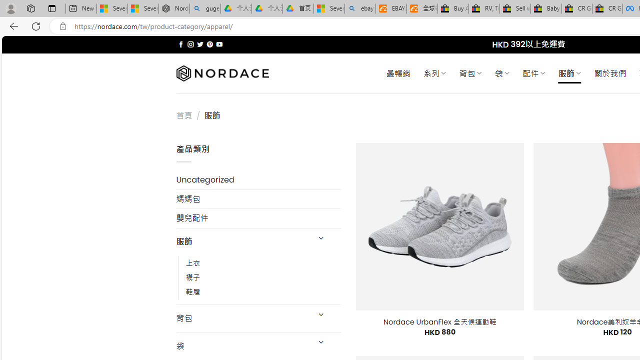 The image size is (640, 360). What do you see at coordinates (190, 44) in the screenshot?
I see `'Follow on Instagram'` at bounding box center [190, 44].